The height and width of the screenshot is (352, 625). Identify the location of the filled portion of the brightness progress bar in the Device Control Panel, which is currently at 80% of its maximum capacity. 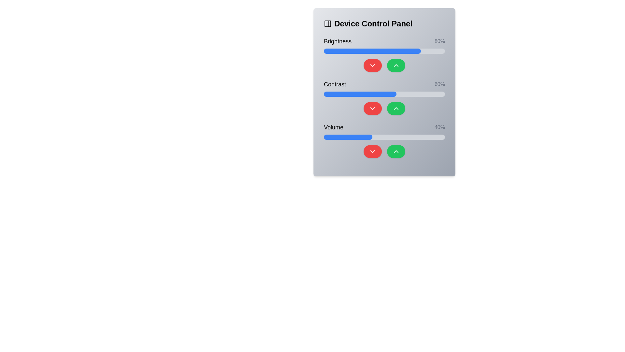
(372, 51).